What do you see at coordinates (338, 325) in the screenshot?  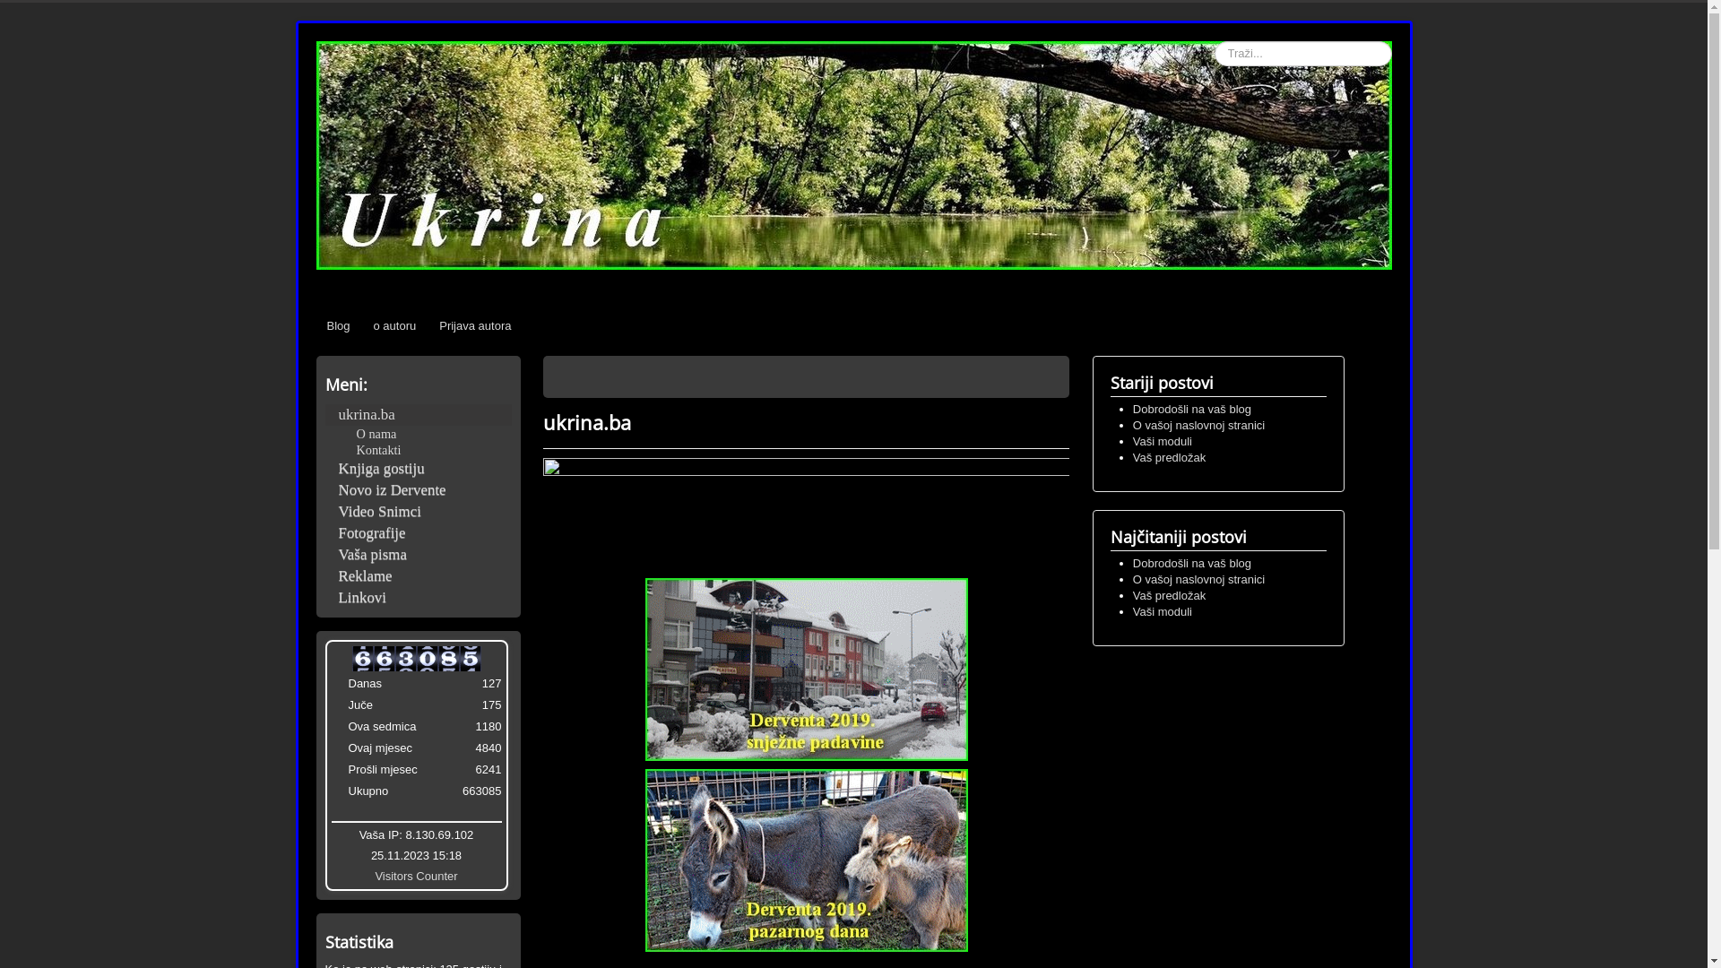 I see `'Blog'` at bounding box center [338, 325].